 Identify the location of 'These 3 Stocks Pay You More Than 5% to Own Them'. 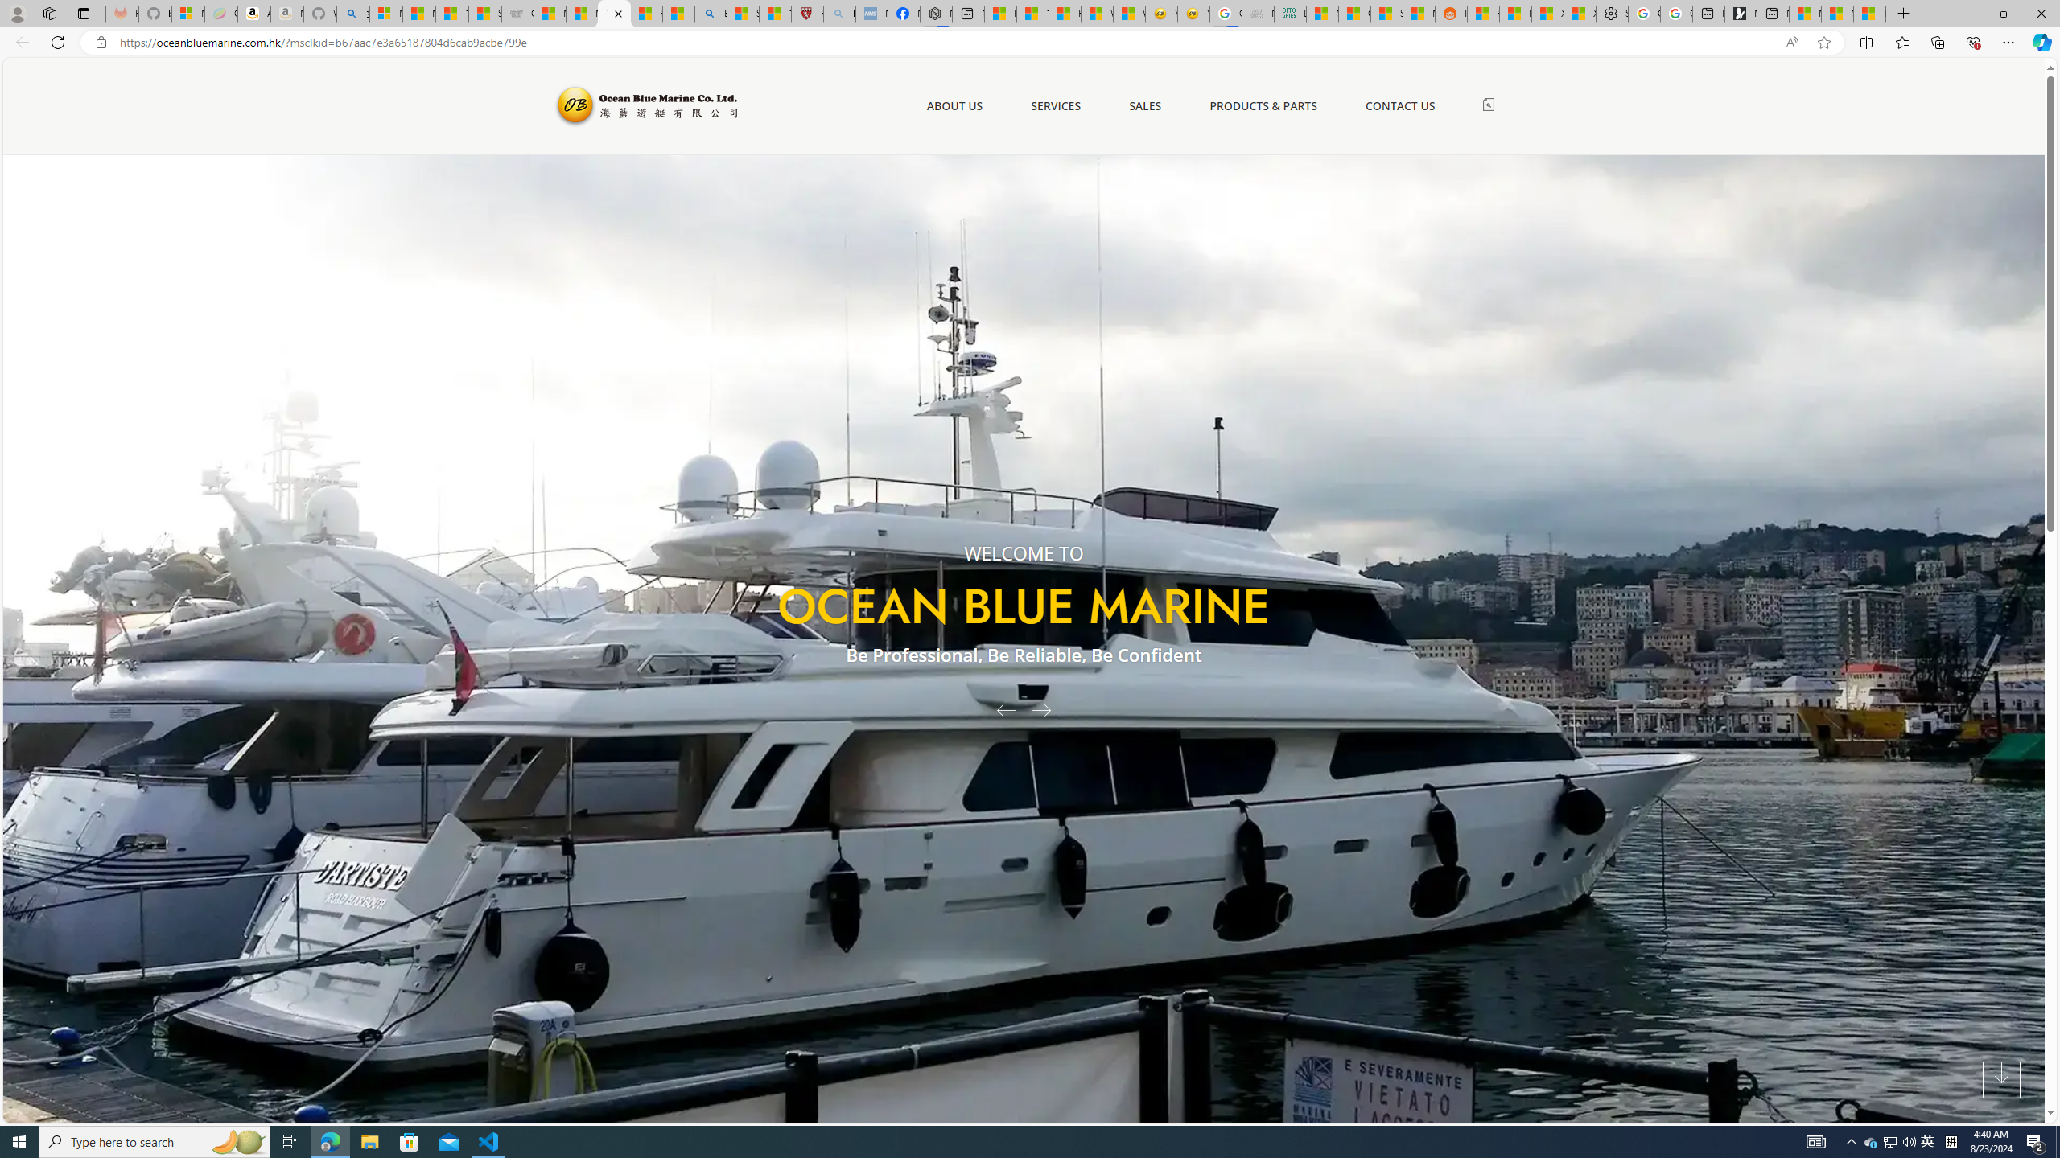
(1869, 13).